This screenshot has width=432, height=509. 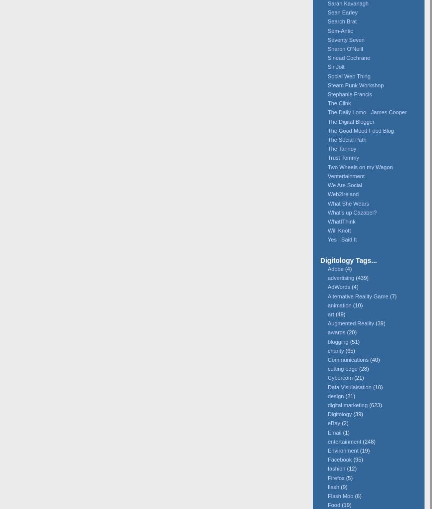 I want to click on 'The Good Mood Food Blog', so click(x=360, y=130).